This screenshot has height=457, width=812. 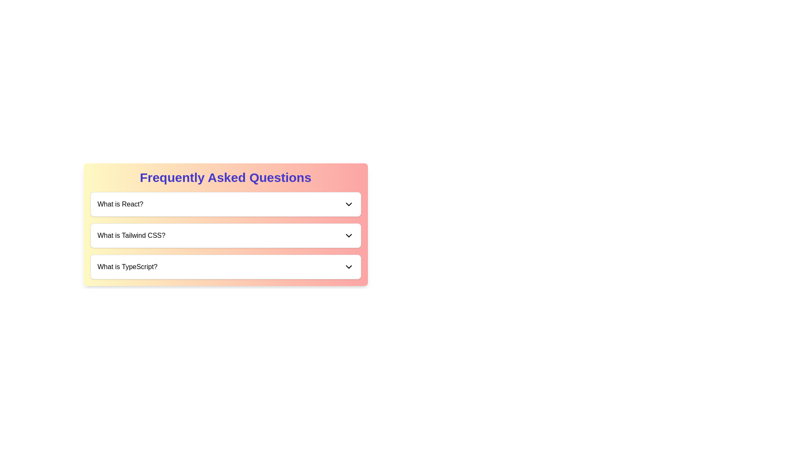 What do you see at coordinates (131, 235) in the screenshot?
I see `the plain text label displaying 'What is Tailwind CSS?' which is the second item in a FAQ list` at bounding box center [131, 235].